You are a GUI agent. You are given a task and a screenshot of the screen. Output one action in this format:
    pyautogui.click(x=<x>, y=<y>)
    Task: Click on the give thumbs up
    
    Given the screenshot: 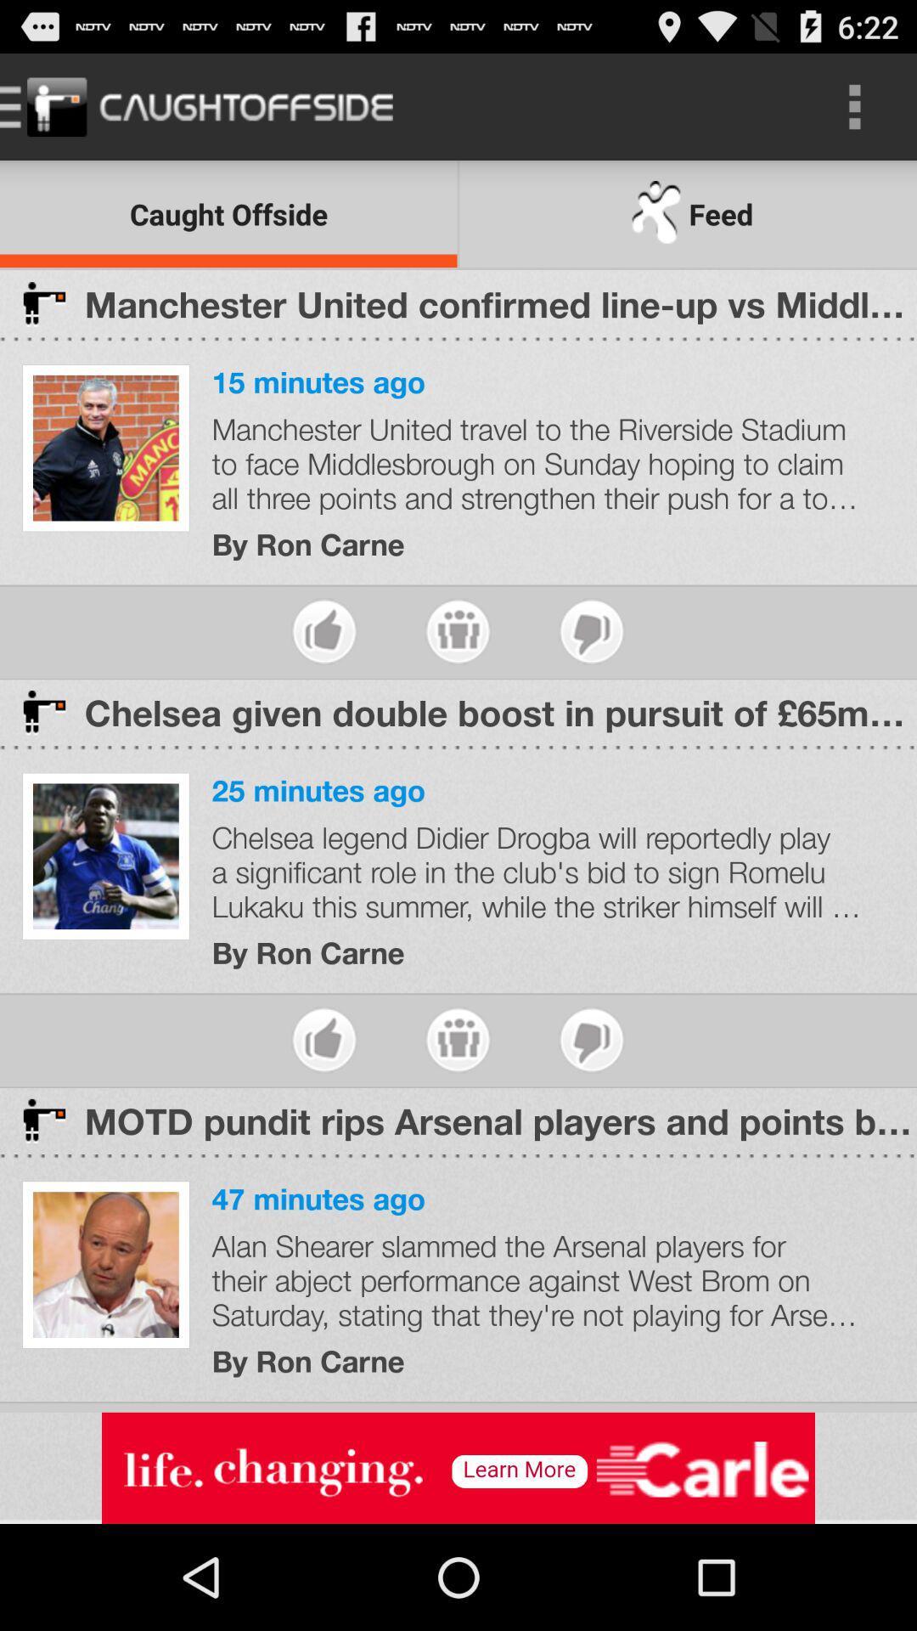 What is the action you would take?
    pyautogui.click(x=324, y=630)
    